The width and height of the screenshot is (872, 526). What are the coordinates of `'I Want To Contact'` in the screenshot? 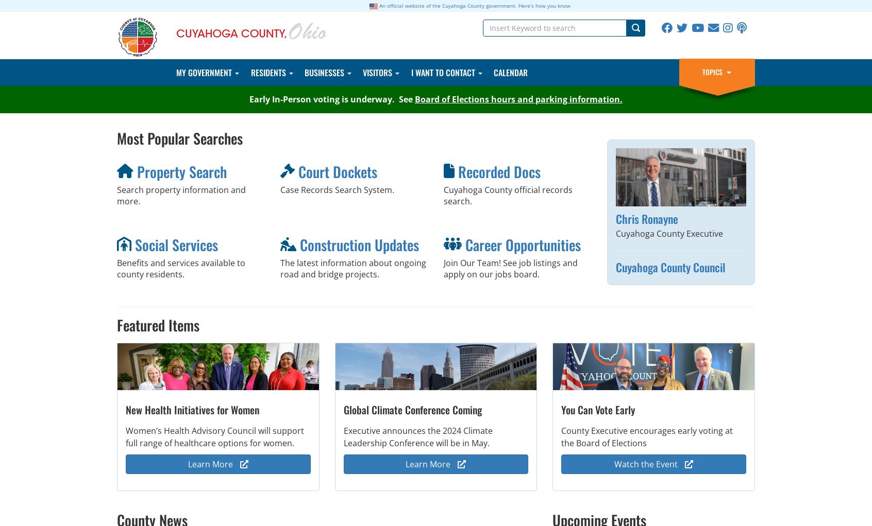 It's located at (443, 73).